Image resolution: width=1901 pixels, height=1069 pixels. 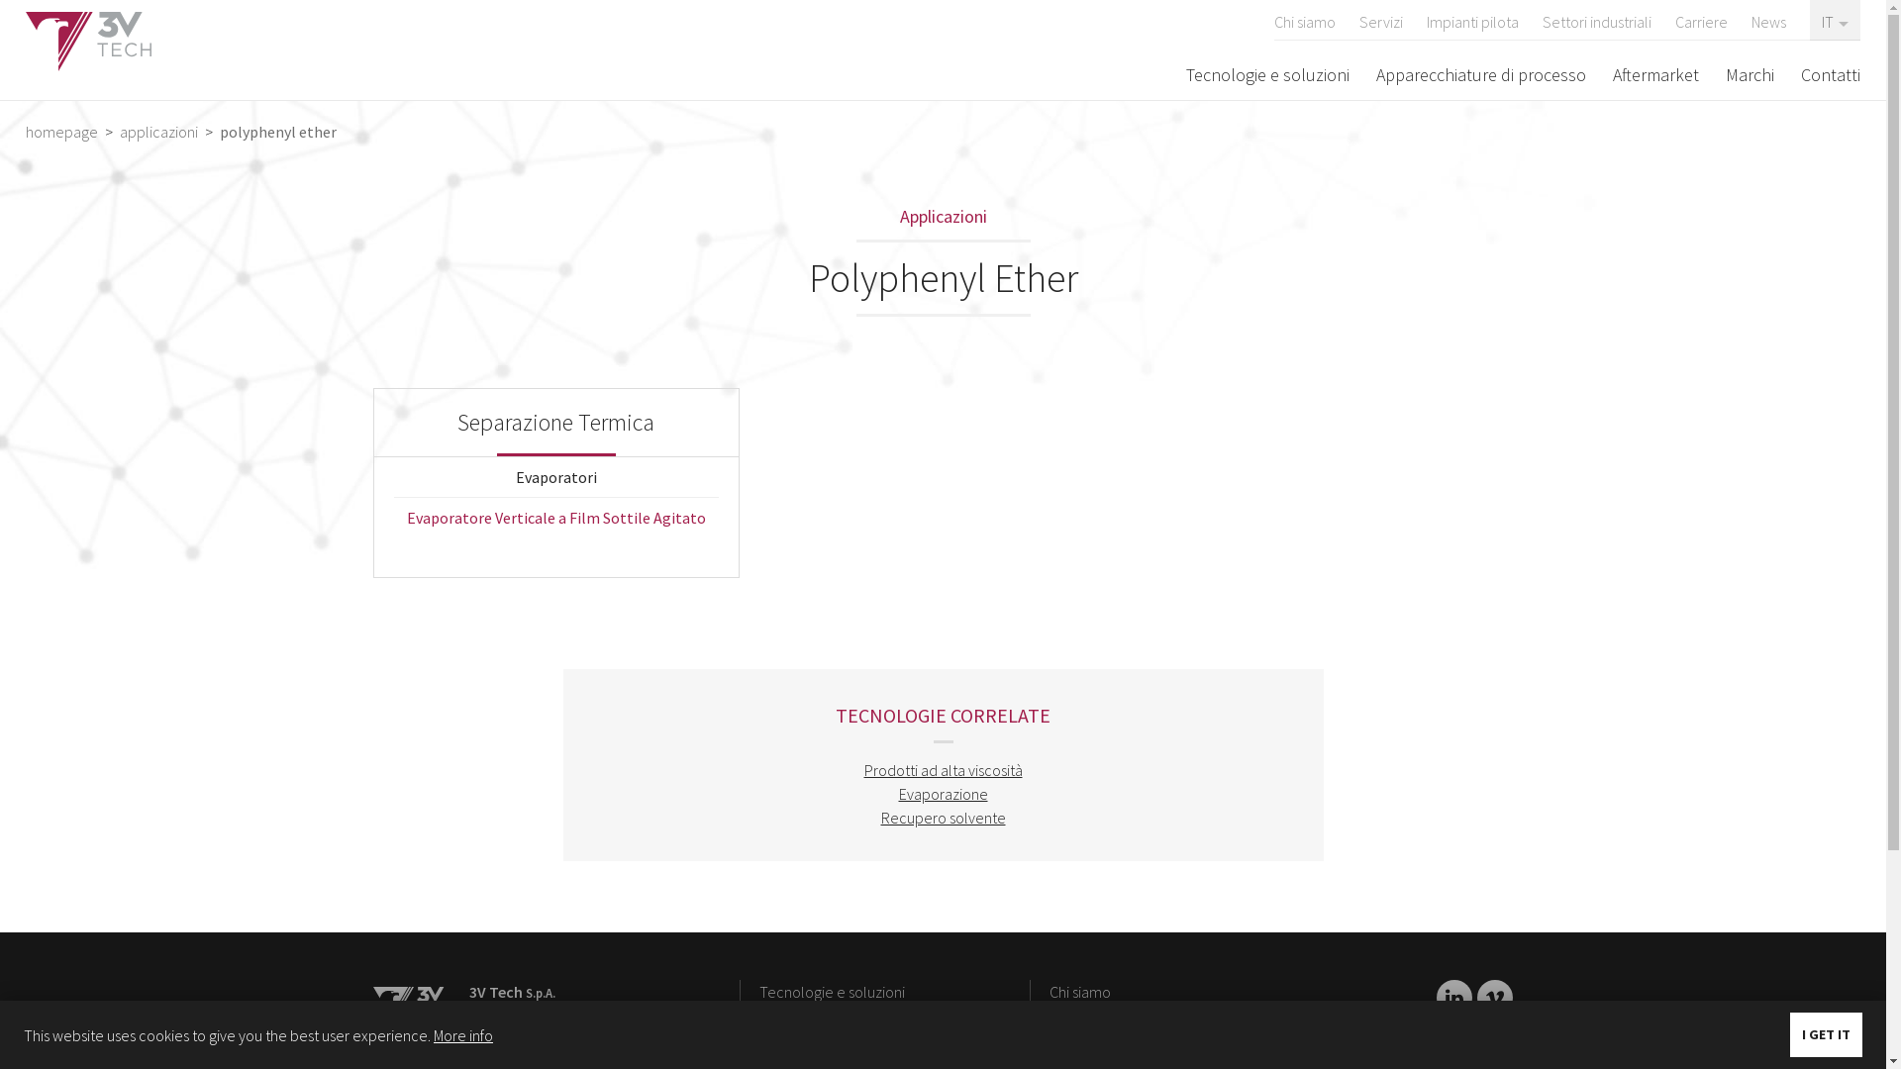 What do you see at coordinates (1380, 19) in the screenshot?
I see `'Servizi'` at bounding box center [1380, 19].